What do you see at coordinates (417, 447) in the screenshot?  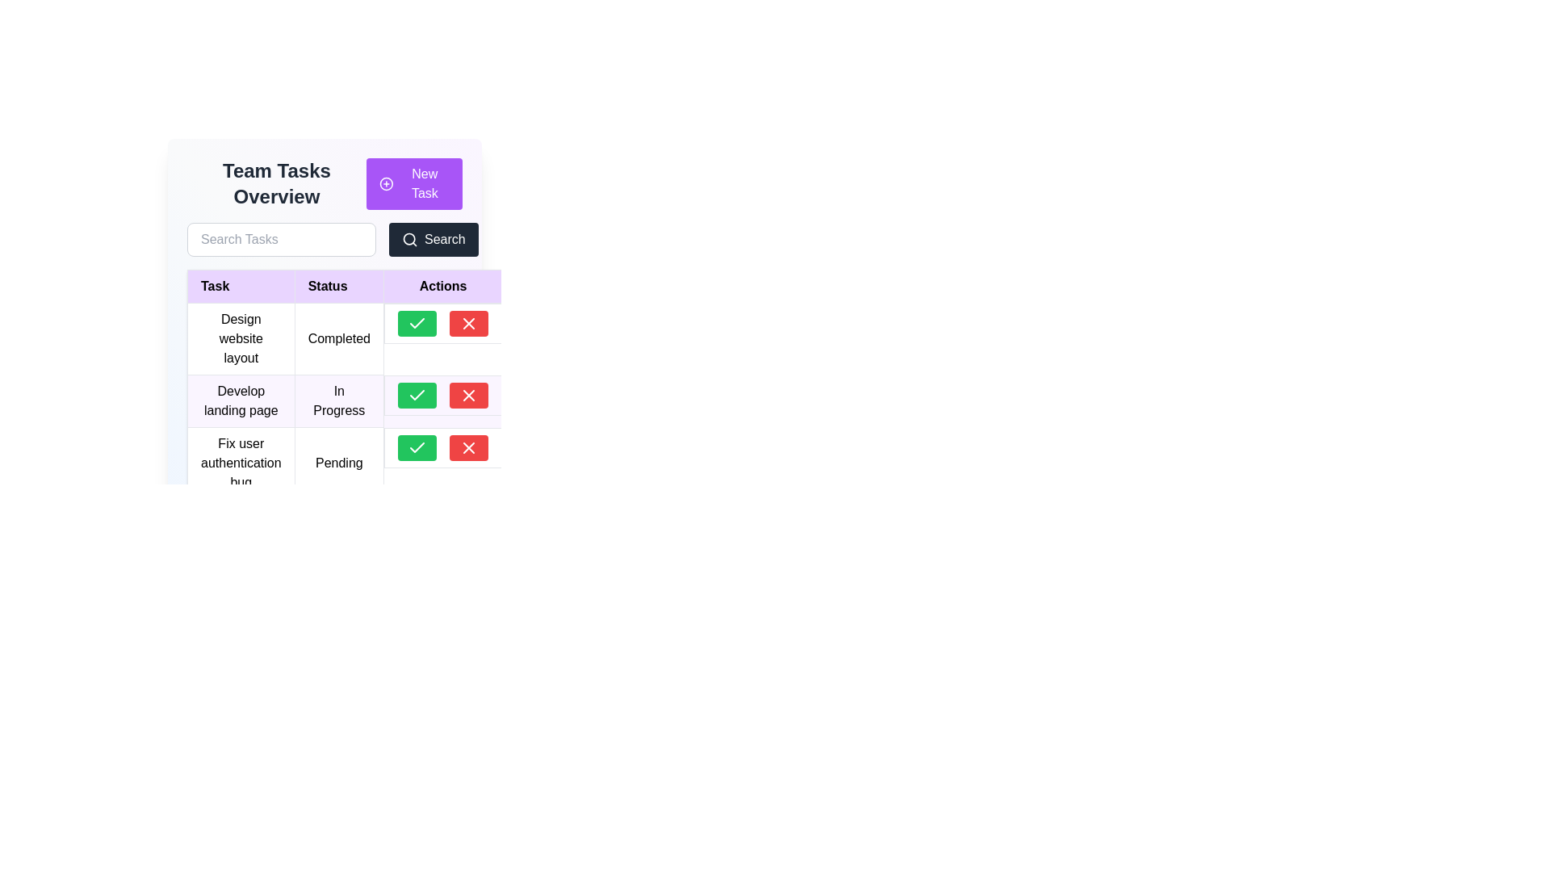 I see `the circular confirmation button with a checkmark icon in the 'Actions' column of the third row to confirm the task 'Fix user authentication bug'` at bounding box center [417, 447].